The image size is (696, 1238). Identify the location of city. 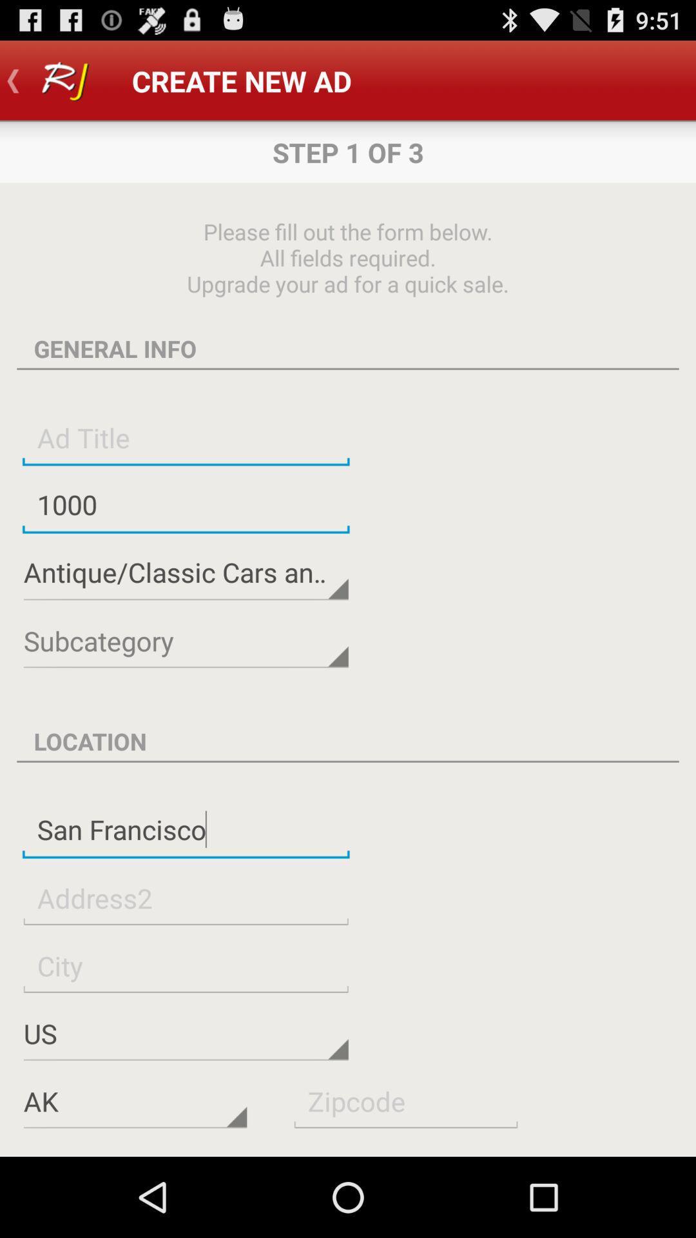
(186, 965).